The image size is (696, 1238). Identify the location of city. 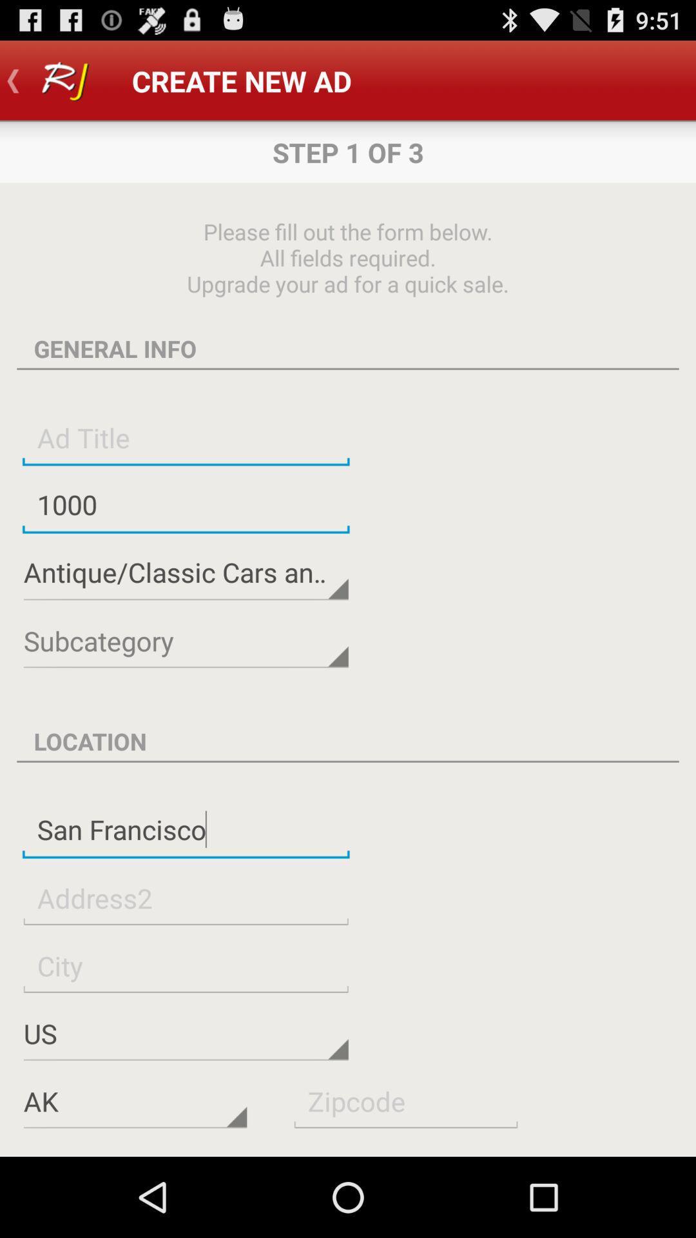
(186, 965).